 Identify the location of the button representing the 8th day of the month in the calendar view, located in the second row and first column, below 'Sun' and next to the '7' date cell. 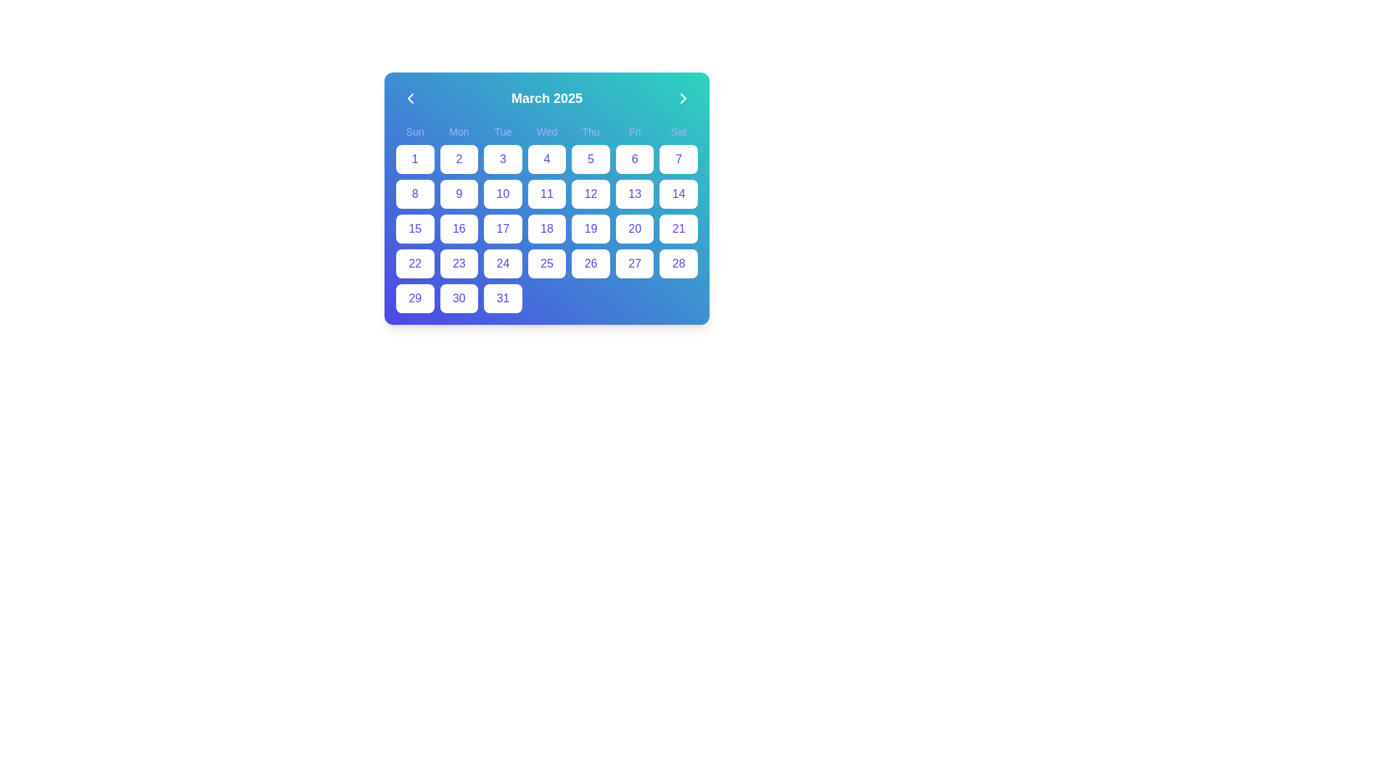
(414, 193).